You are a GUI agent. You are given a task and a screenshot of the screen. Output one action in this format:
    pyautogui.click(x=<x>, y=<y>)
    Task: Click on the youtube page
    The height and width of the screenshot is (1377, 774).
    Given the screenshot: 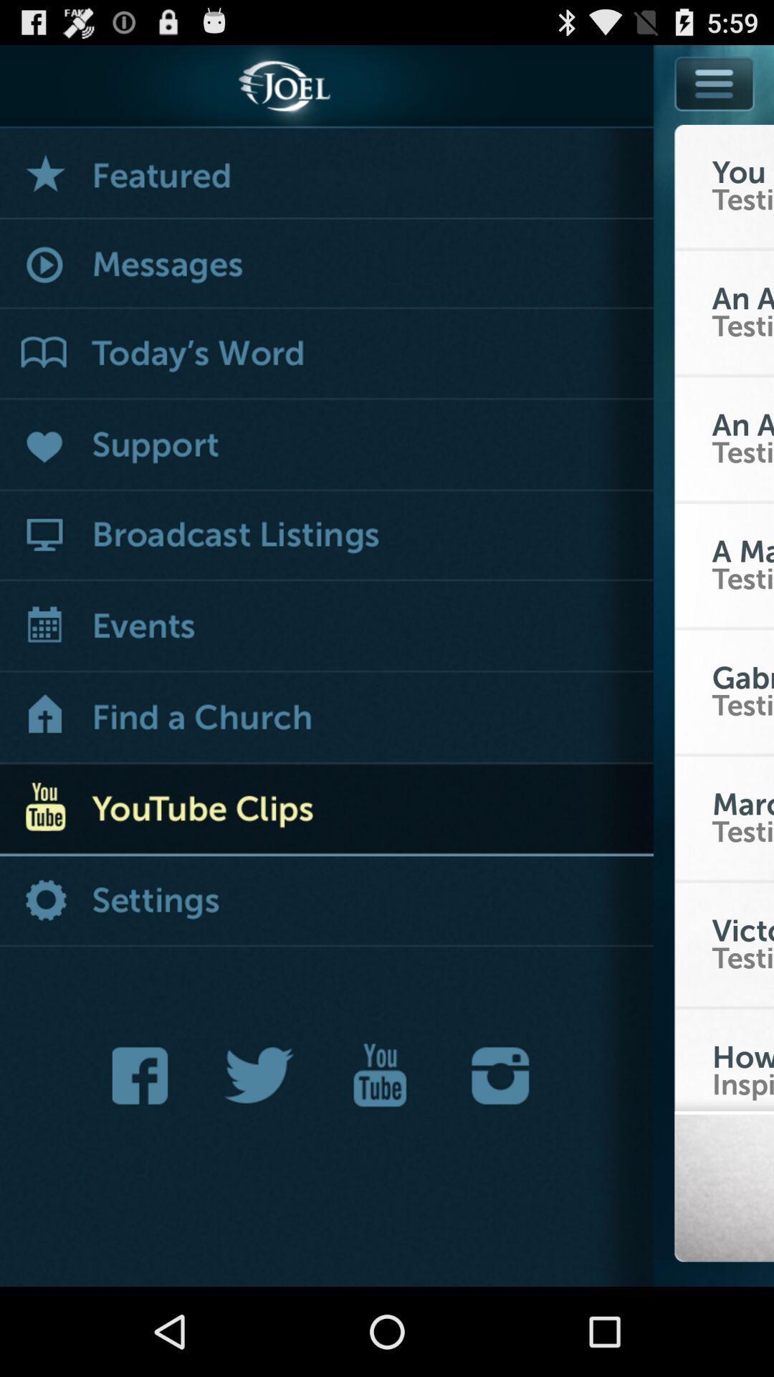 What is the action you would take?
    pyautogui.click(x=379, y=1075)
    